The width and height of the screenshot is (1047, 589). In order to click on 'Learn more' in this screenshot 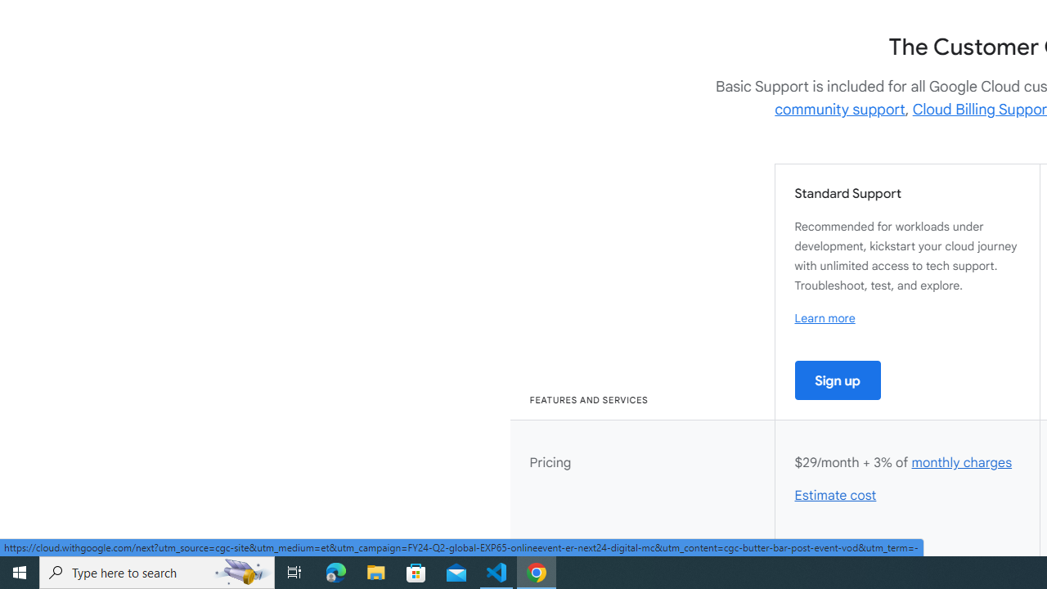, I will do `click(825, 318)`.